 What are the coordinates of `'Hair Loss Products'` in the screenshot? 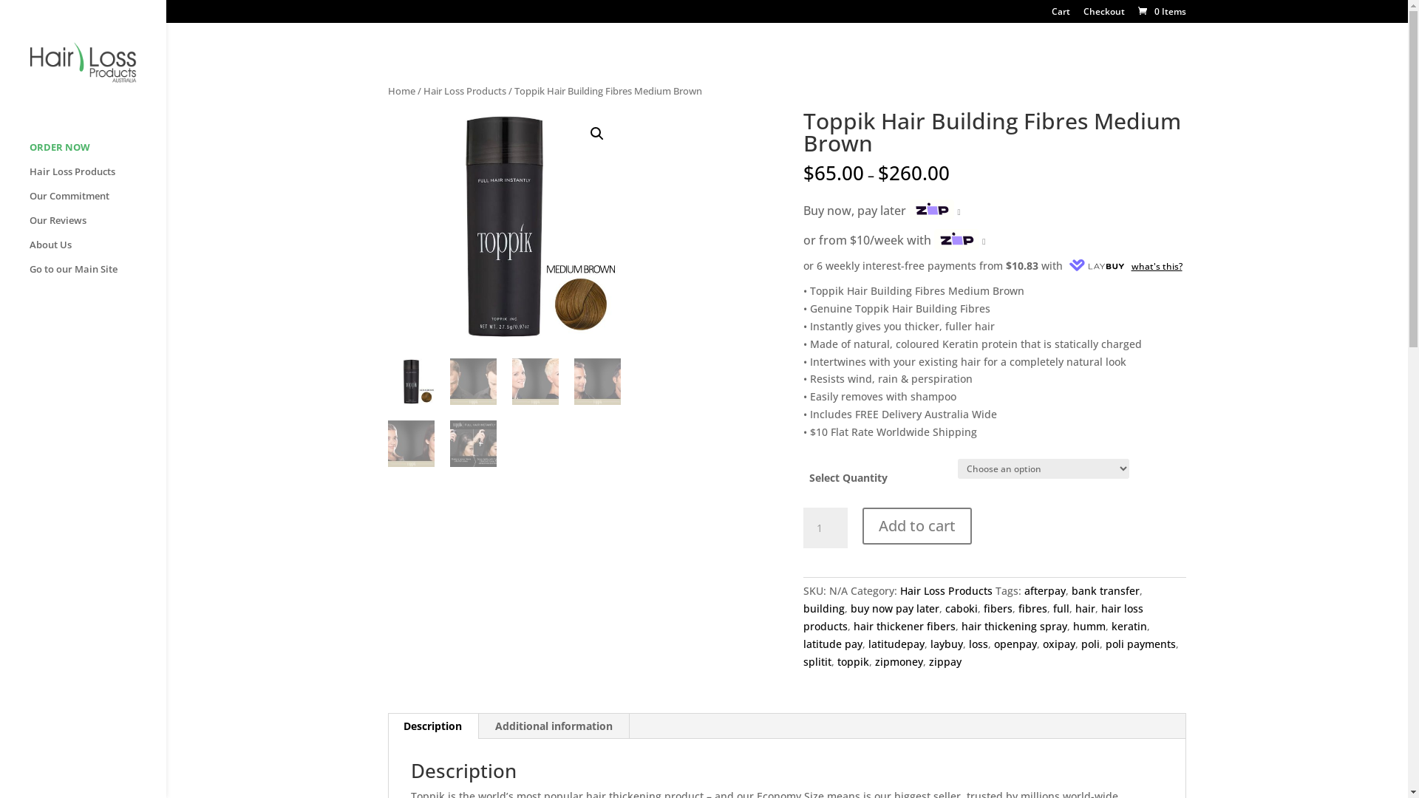 It's located at (29, 177).